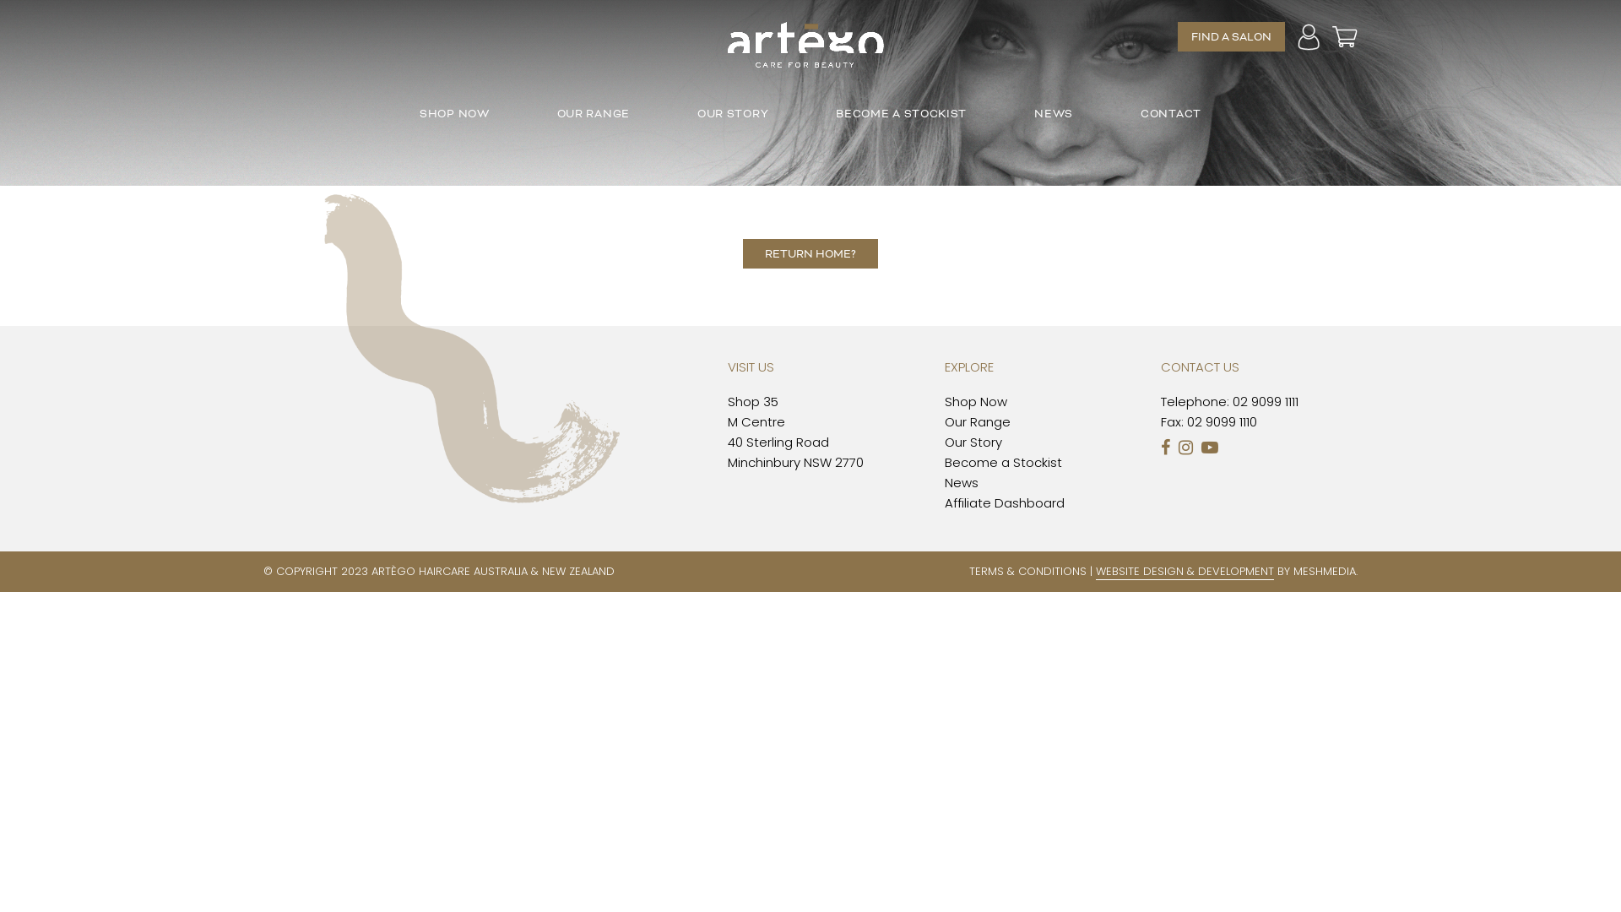  Describe the element at coordinates (1344, 35) in the screenshot. I see `'My Basket'` at that location.